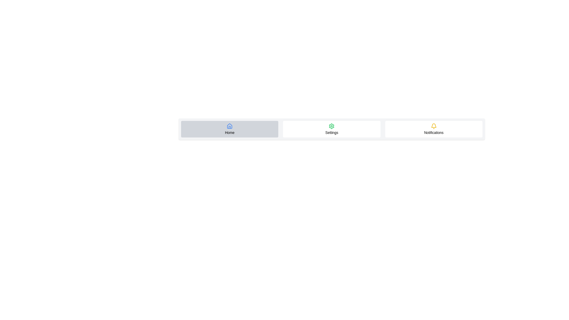 Image resolution: width=569 pixels, height=320 pixels. I want to click on the 'Home' navigation icon, which is visually separated by rounded borders and a gray background, so click(229, 126).